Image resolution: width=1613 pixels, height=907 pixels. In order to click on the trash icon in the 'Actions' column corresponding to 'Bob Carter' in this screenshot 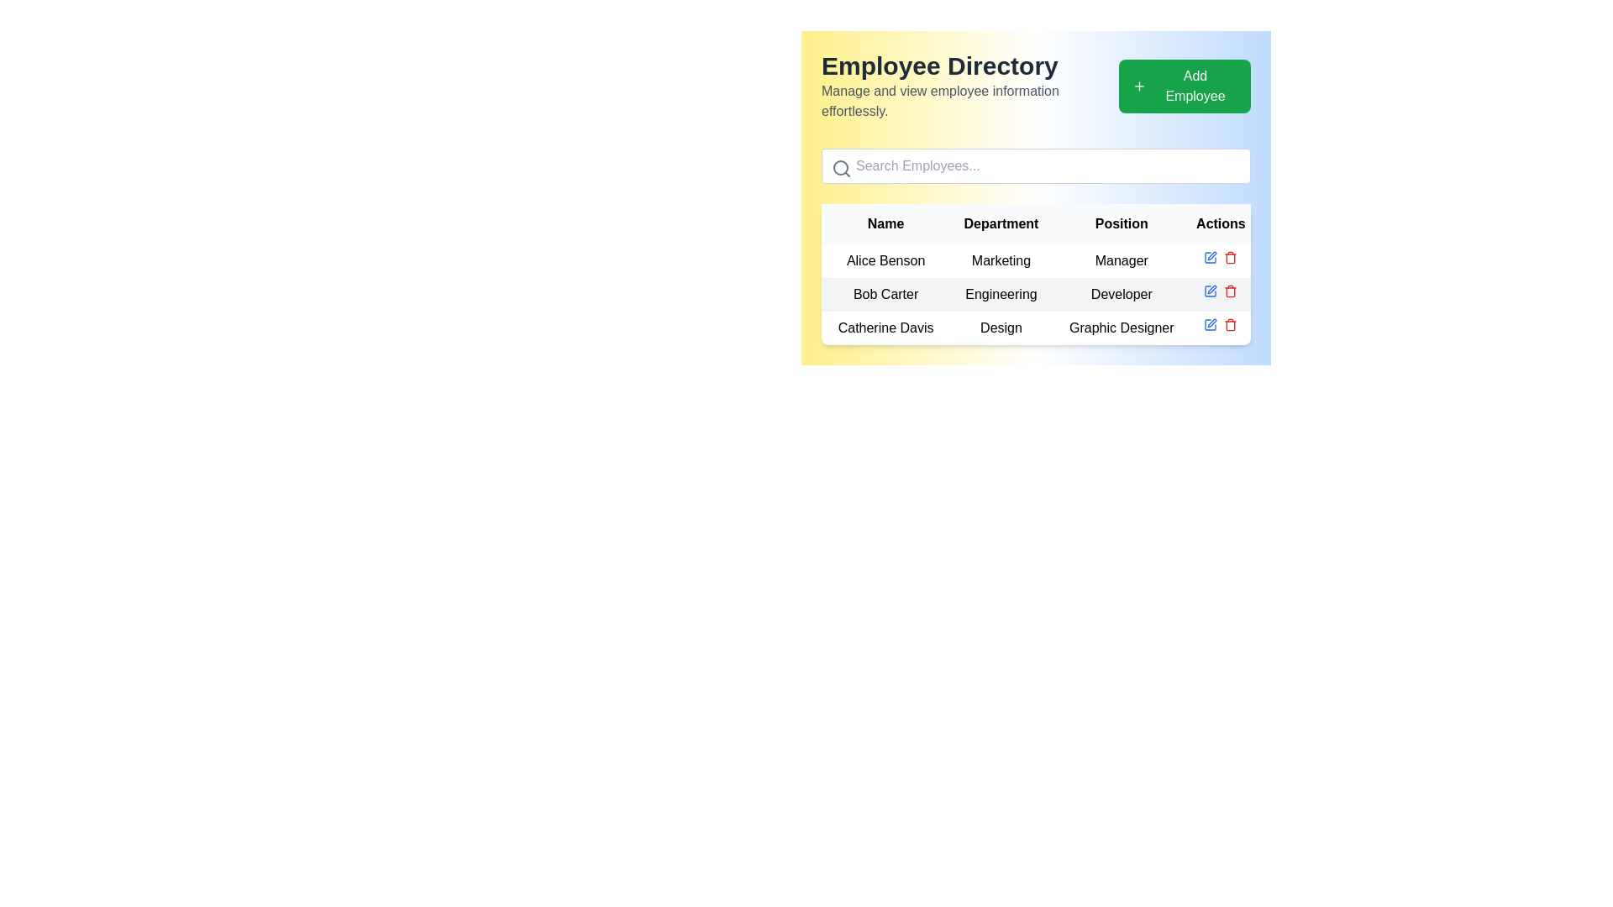, I will do `click(1231, 291)`.